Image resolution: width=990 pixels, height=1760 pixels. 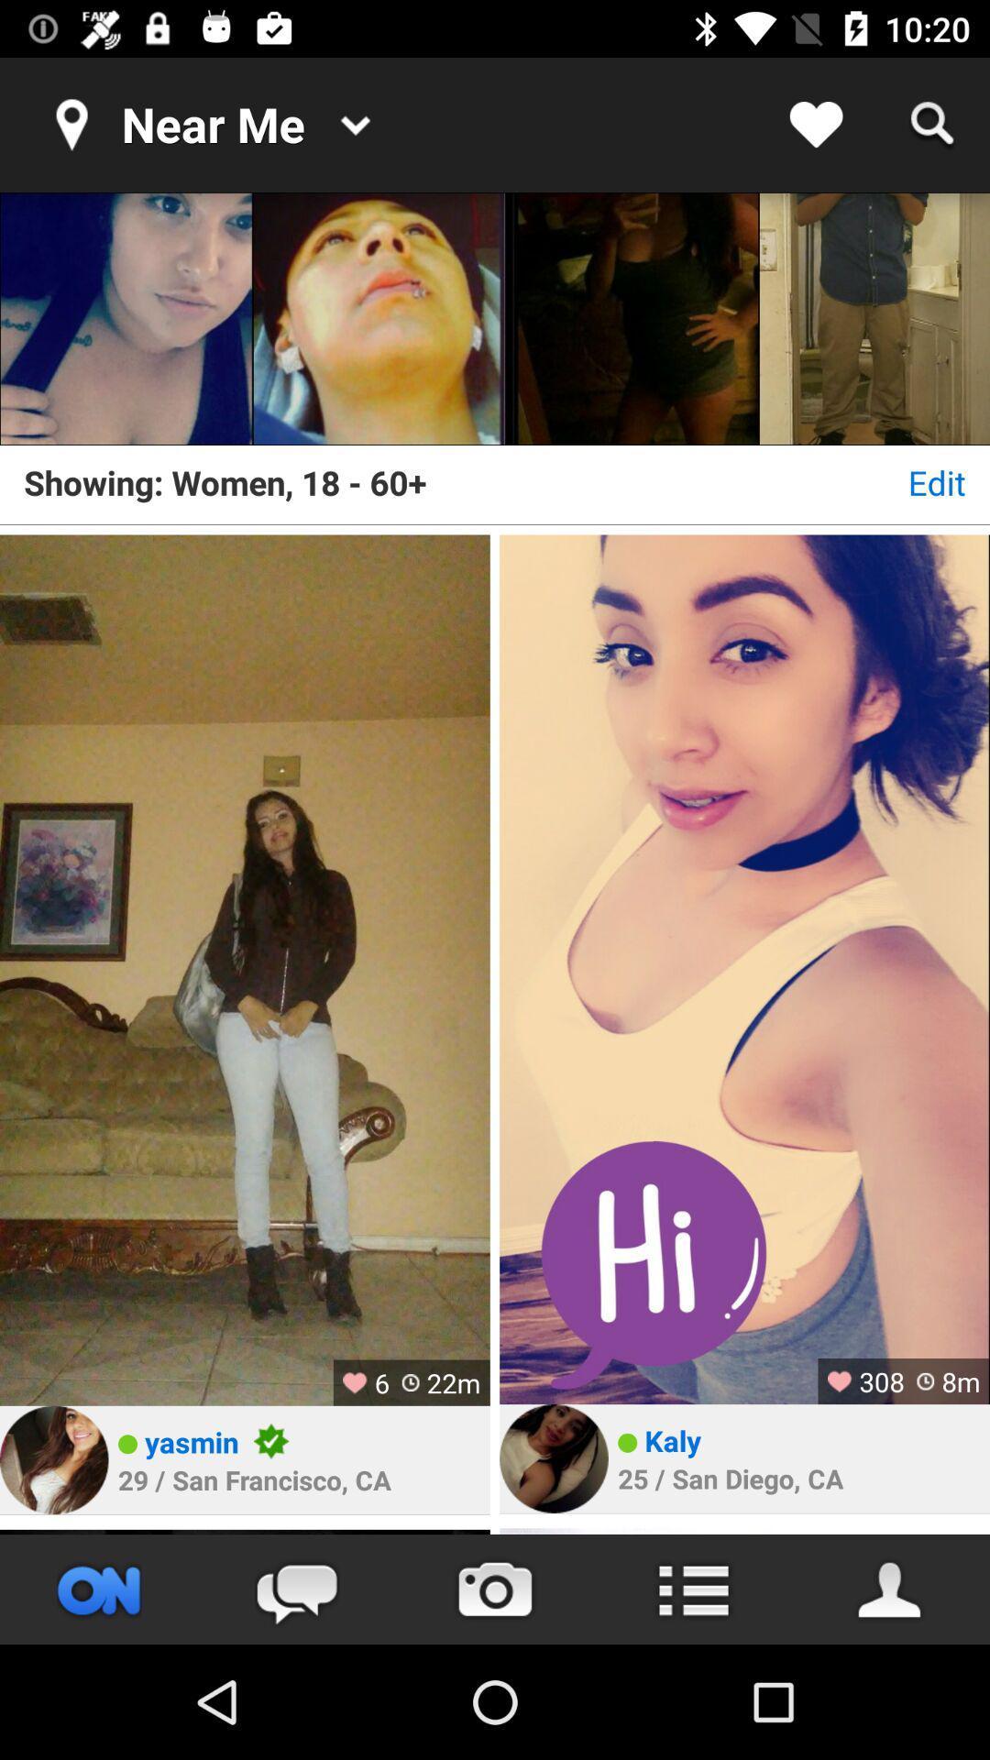 What do you see at coordinates (744, 1531) in the screenshot?
I see `profile` at bounding box center [744, 1531].